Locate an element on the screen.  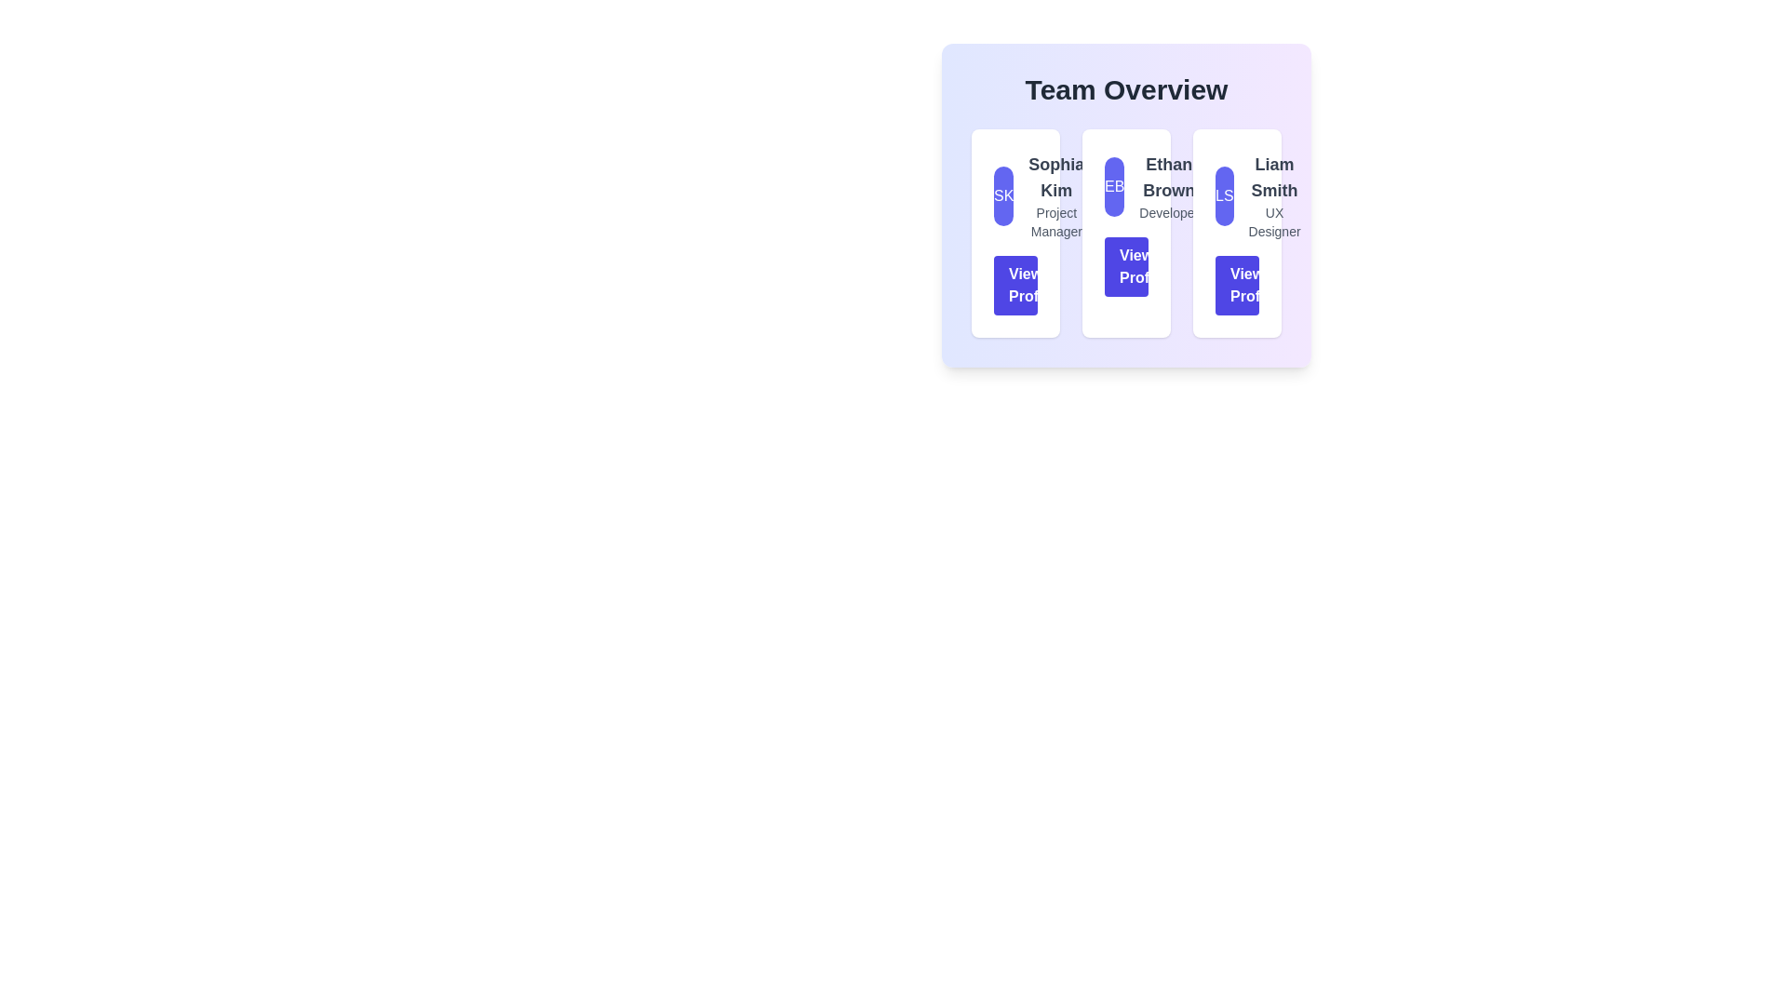
the text label indicating the role of the individual beneath the name 'Sophia Kim' in the profile card within the 'Team Overview' layout is located at coordinates (1056, 221).